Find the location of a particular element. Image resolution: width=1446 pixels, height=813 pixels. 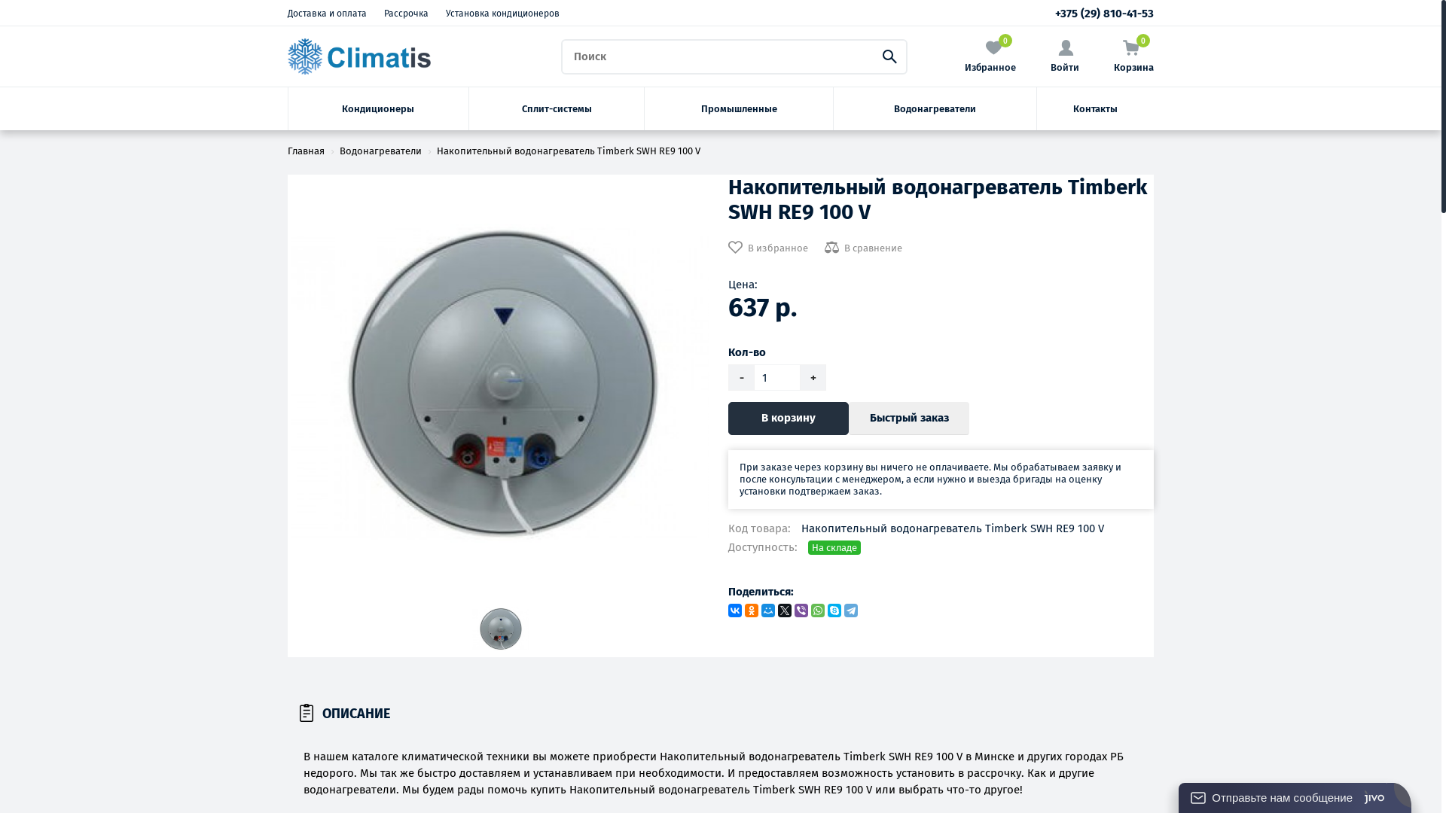

'Twitter' is located at coordinates (777, 610).